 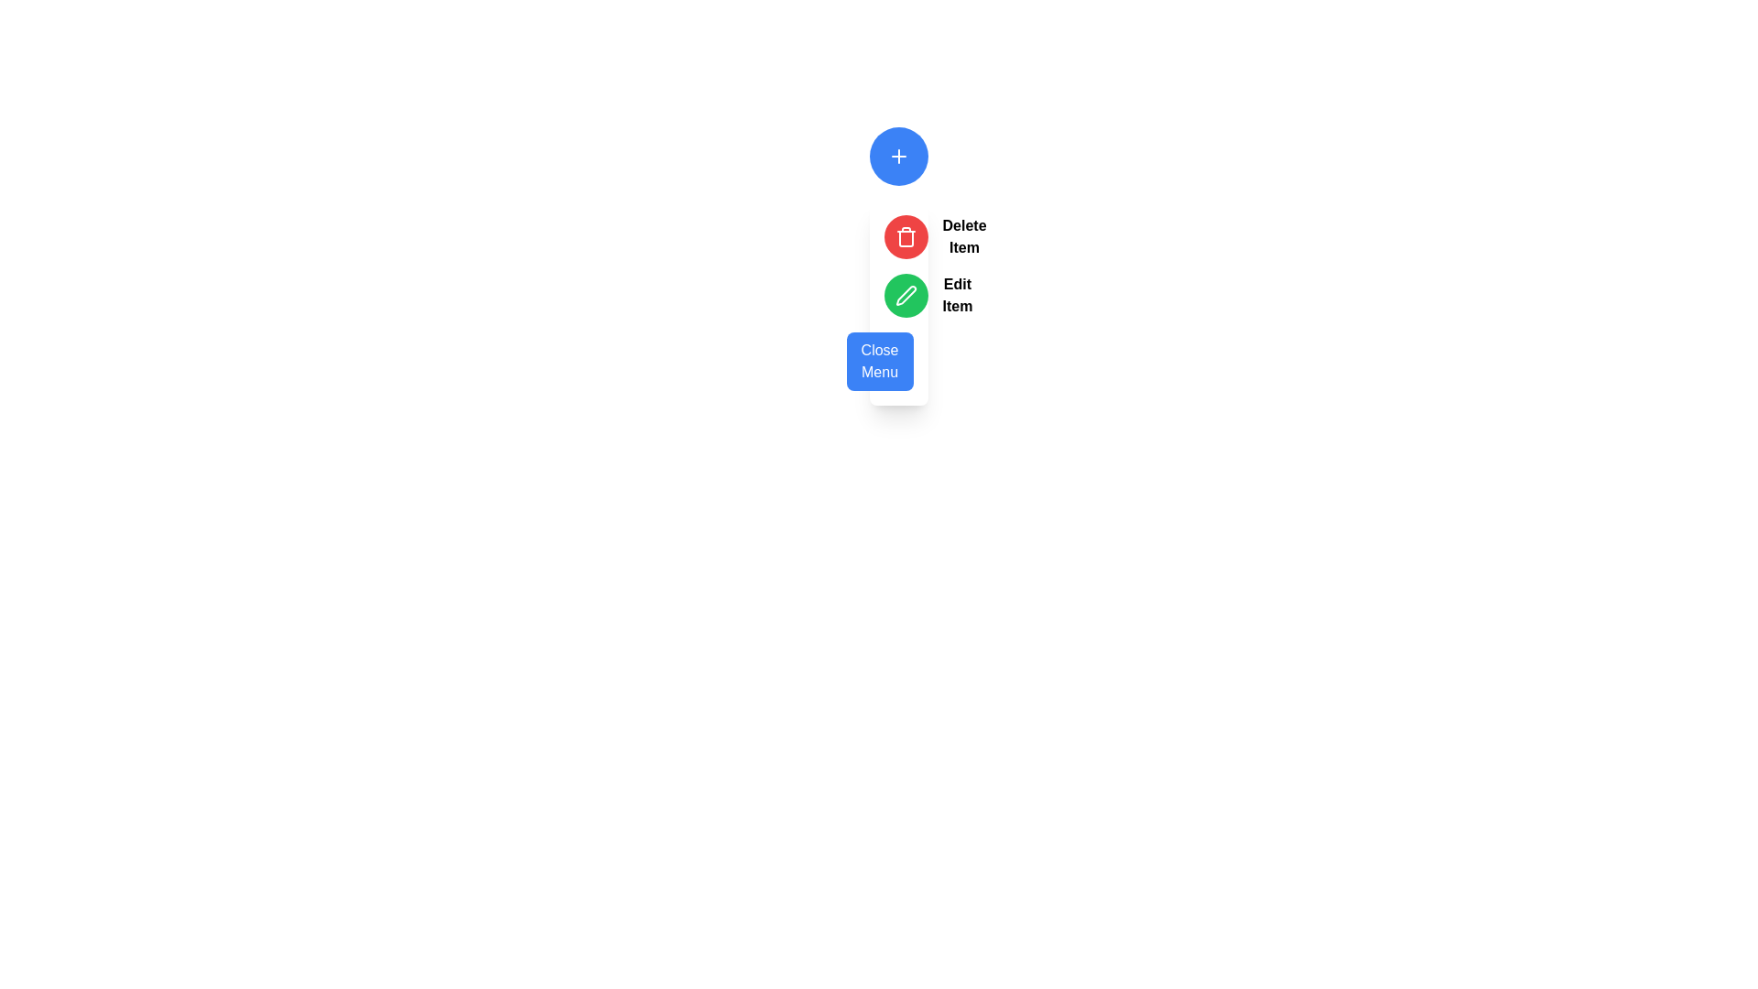 What do you see at coordinates (963, 235) in the screenshot?
I see `the text label that describes the deletion function, which is positioned below the red circular button with a trash icon` at bounding box center [963, 235].